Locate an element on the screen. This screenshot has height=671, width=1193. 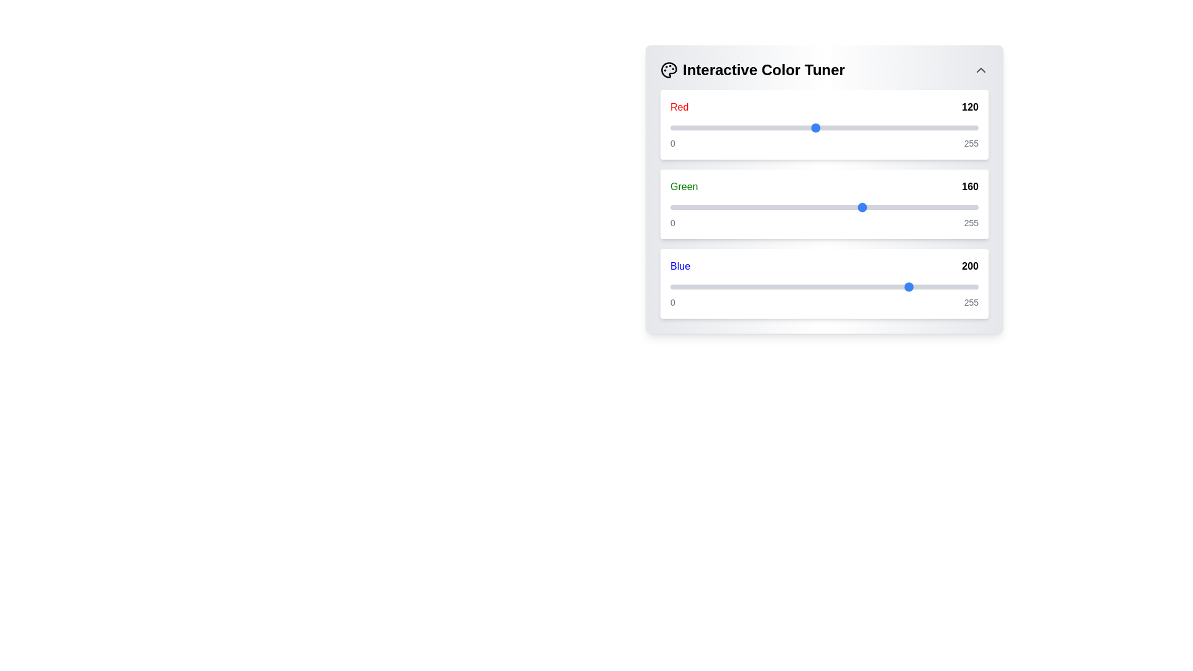
the green component value is located at coordinates (879, 207).